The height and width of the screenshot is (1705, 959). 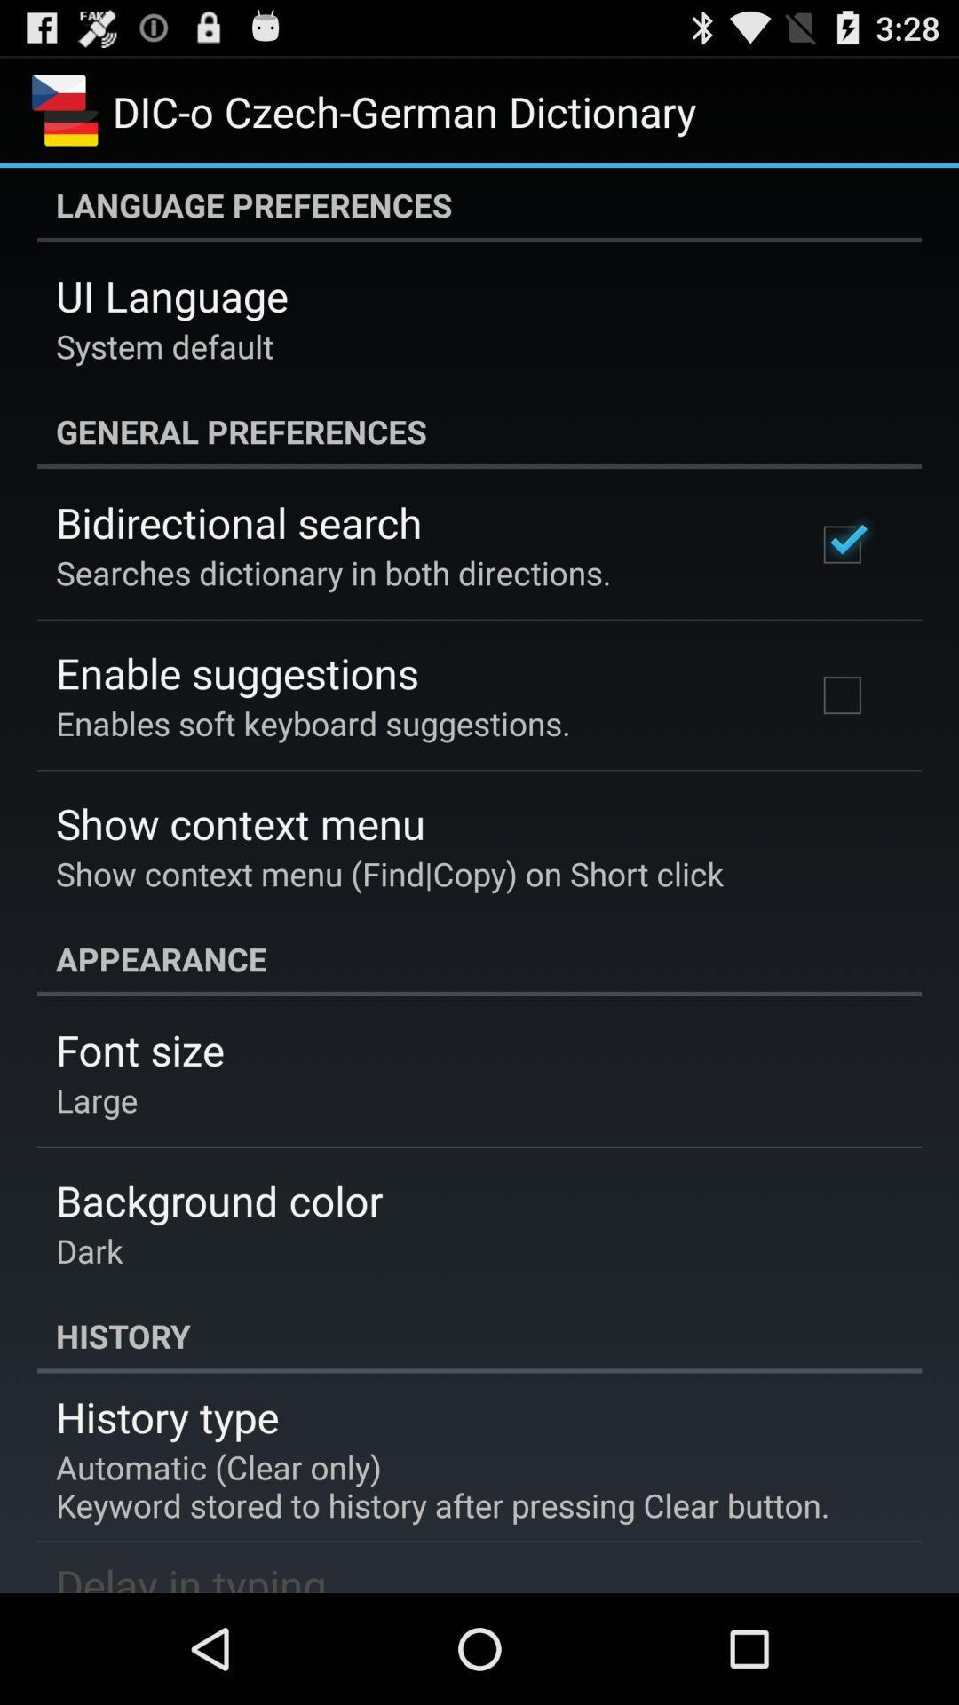 What do you see at coordinates (441, 1486) in the screenshot?
I see `app above delay in typing app` at bounding box center [441, 1486].